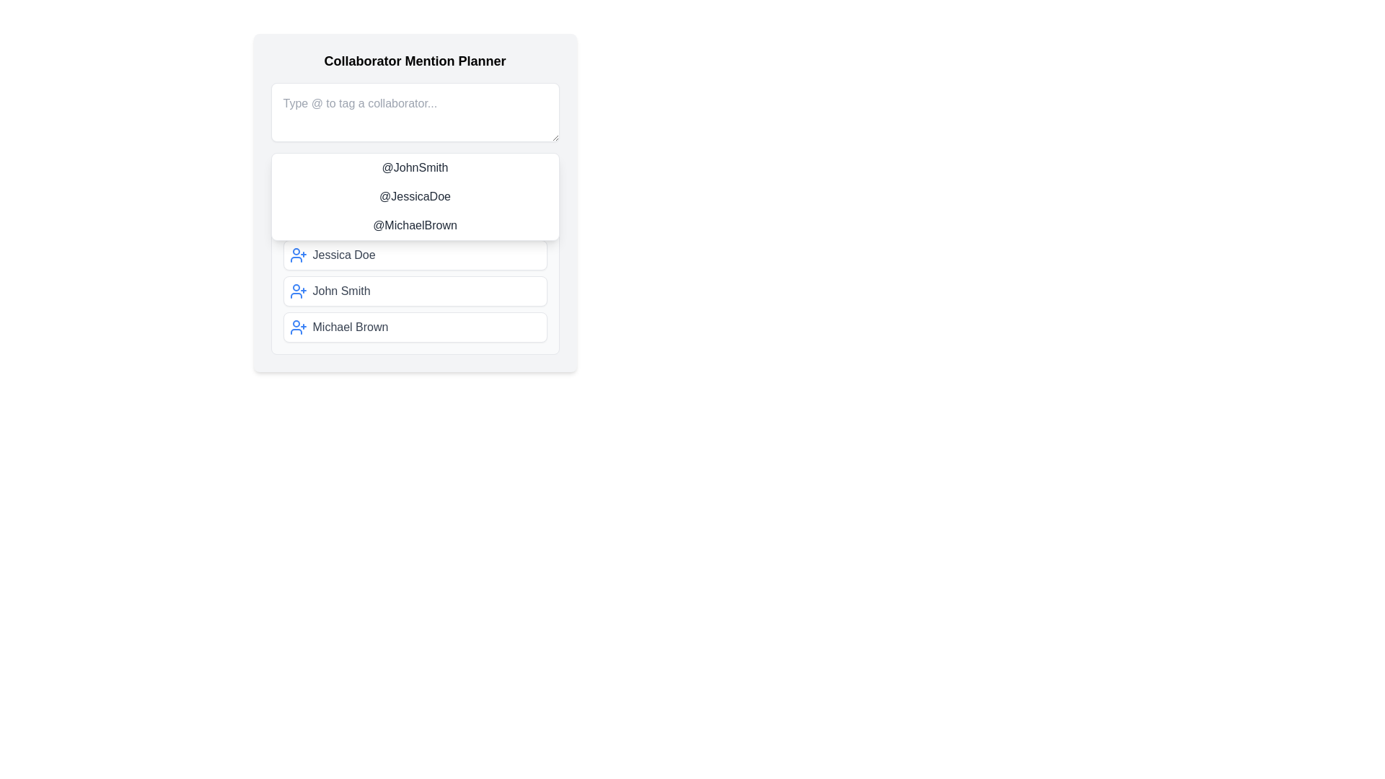 This screenshot has width=1385, height=779. What do you see at coordinates (297, 327) in the screenshot?
I see `the icon representing the action` at bounding box center [297, 327].